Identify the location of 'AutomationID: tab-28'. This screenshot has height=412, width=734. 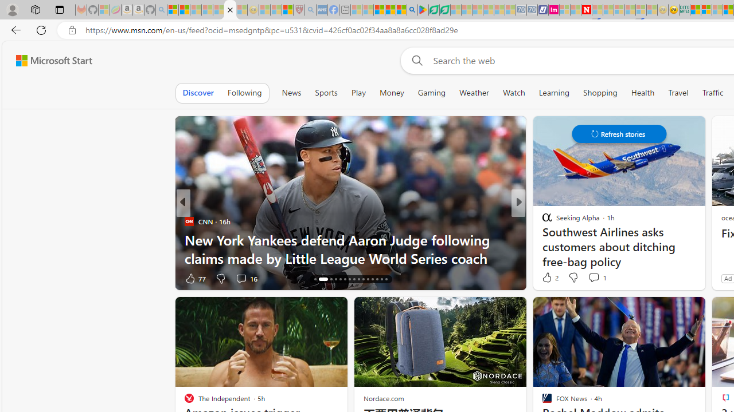
(377, 279).